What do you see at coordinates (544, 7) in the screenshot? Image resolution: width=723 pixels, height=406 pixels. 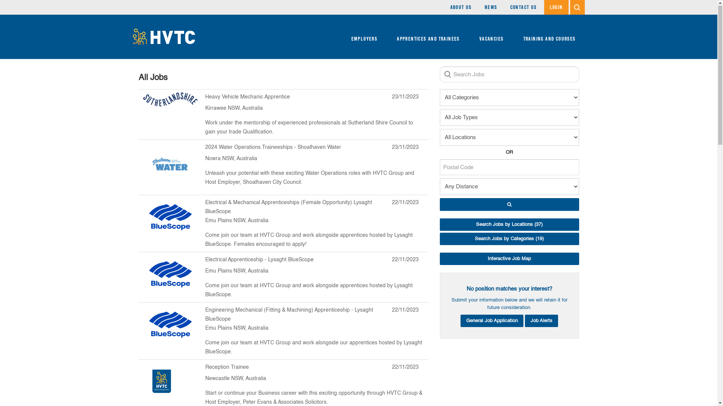 I see `'LOGIN'` at bounding box center [544, 7].